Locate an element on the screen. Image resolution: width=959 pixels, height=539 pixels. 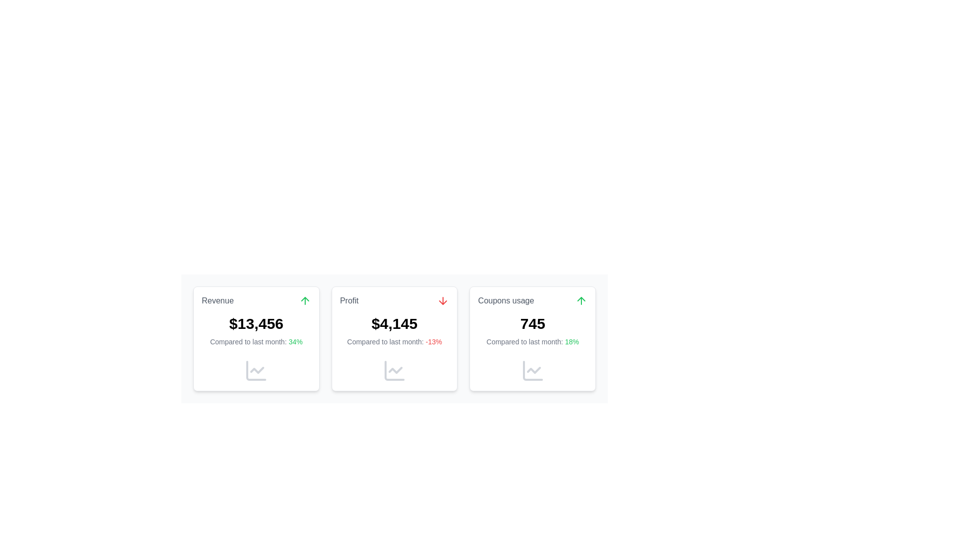
the Label with an icon that serves as a header for the metrics presented within the card, located in the third column of a three-column layout, positioned above a bold numeric indicator ('745') is located at coordinates (532, 300).